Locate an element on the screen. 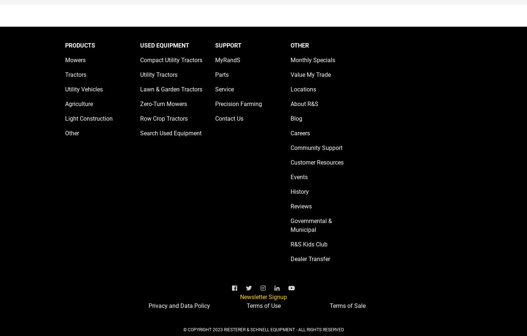 The height and width of the screenshot is (336, 527). 'PRODUCTS' is located at coordinates (80, 45).